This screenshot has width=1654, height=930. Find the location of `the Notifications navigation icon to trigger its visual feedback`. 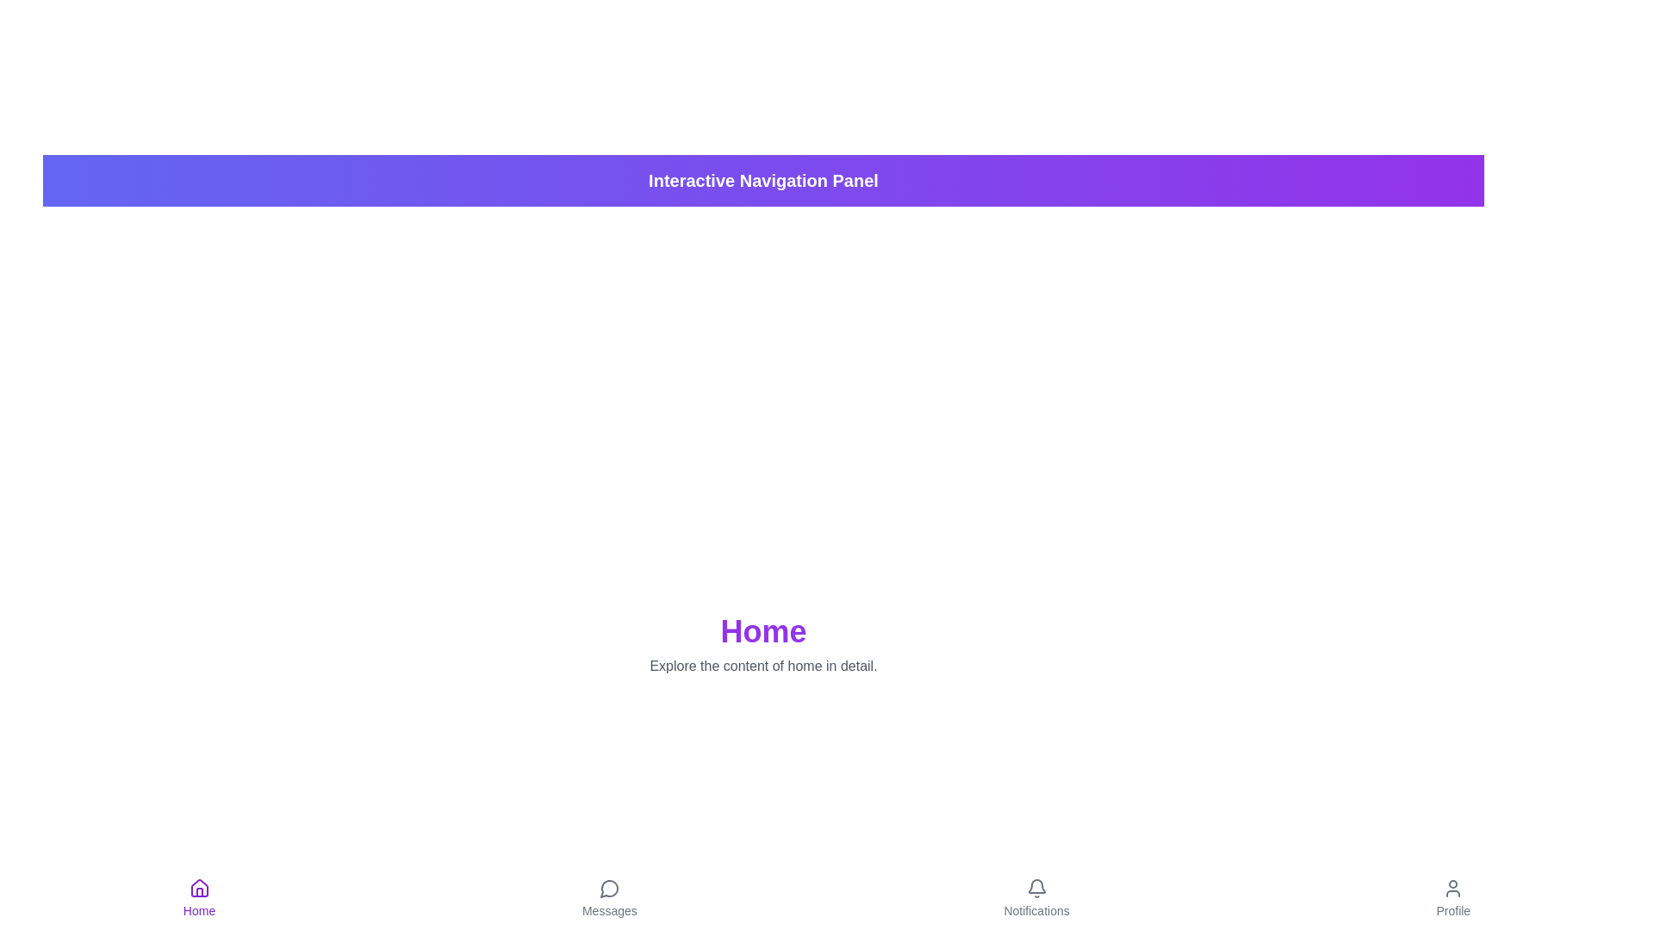

the Notifications navigation icon to trigger its visual feedback is located at coordinates (1035, 898).